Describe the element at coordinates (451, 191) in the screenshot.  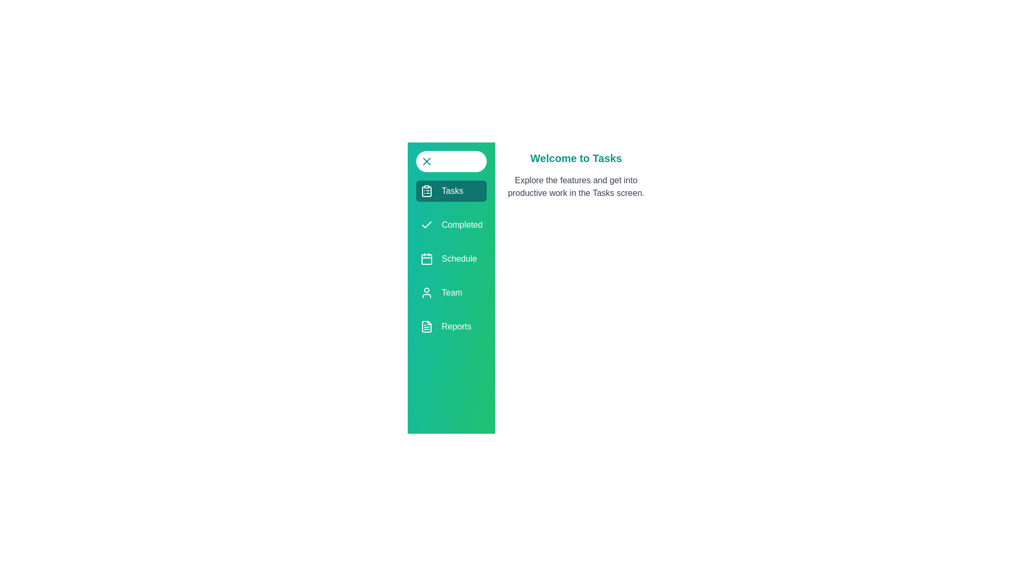
I see `the menu item Tasks from the available options` at that location.